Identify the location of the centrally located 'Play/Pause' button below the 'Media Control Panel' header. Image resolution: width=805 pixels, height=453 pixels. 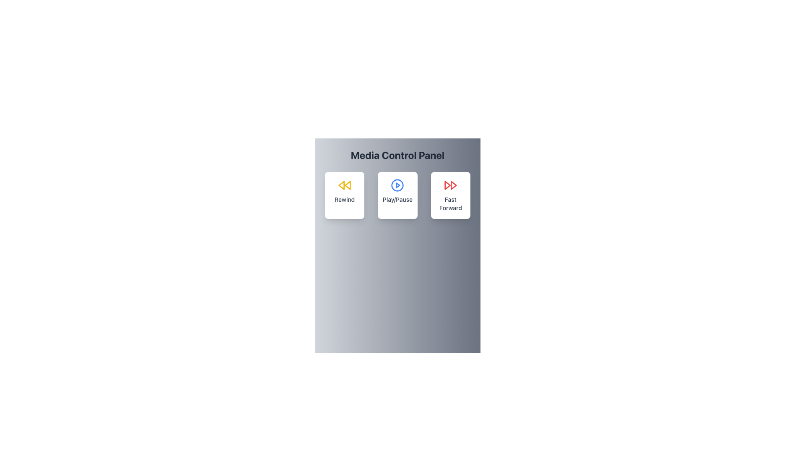
(397, 195).